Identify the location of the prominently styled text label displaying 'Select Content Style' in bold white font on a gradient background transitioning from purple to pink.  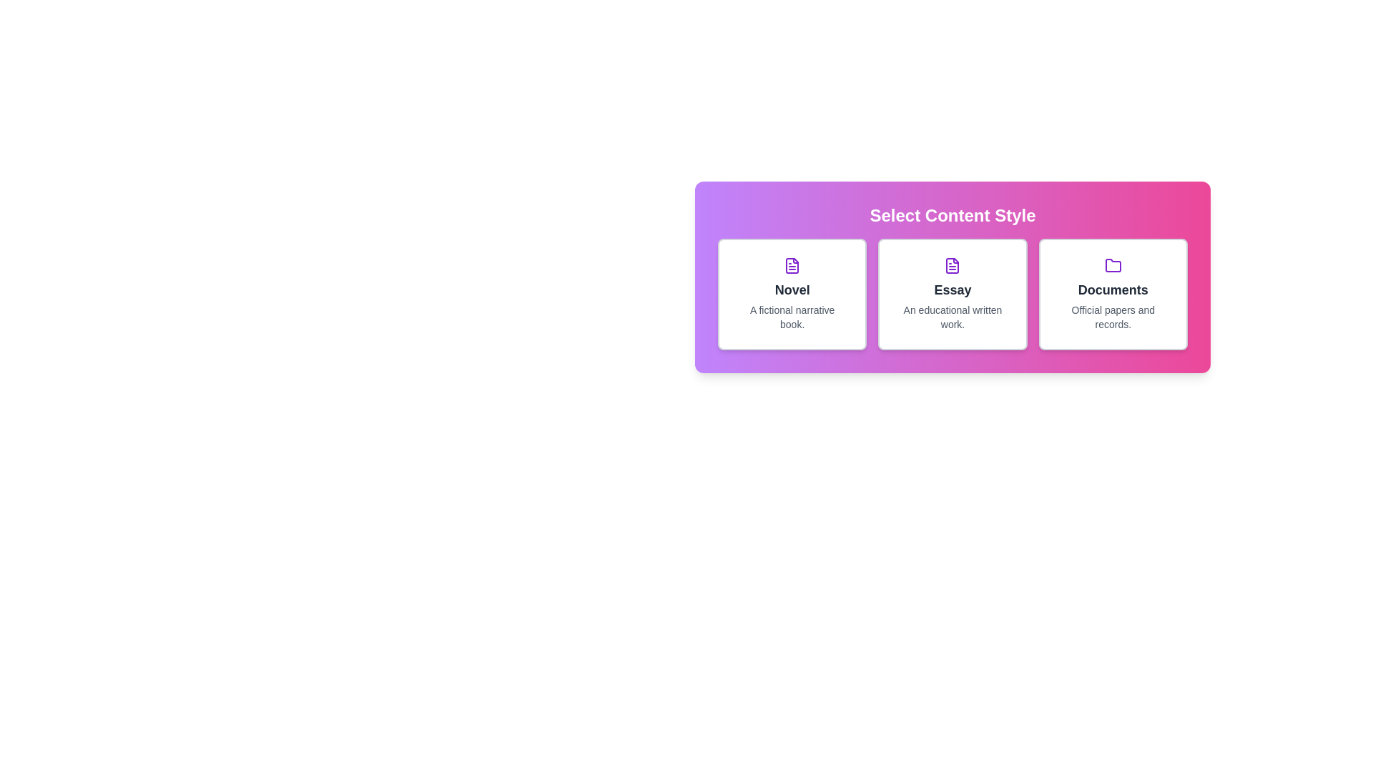
(953, 215).